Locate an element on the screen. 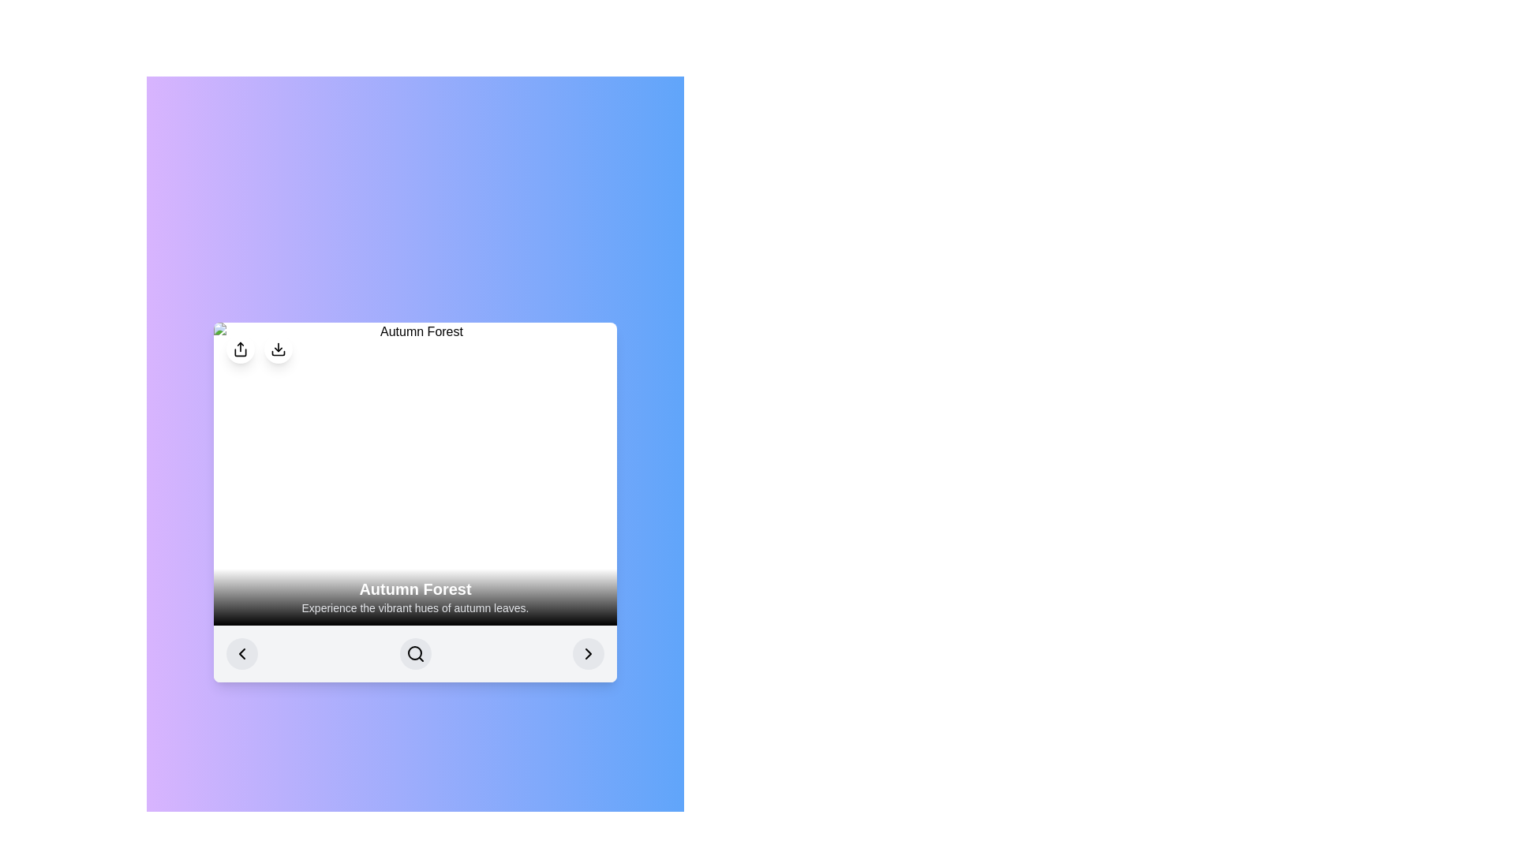  the chevron left directional control icon located on the left side of the bottom white bar below the 'Autumn Forest' black gradient section is located at coordinates (241, 654).